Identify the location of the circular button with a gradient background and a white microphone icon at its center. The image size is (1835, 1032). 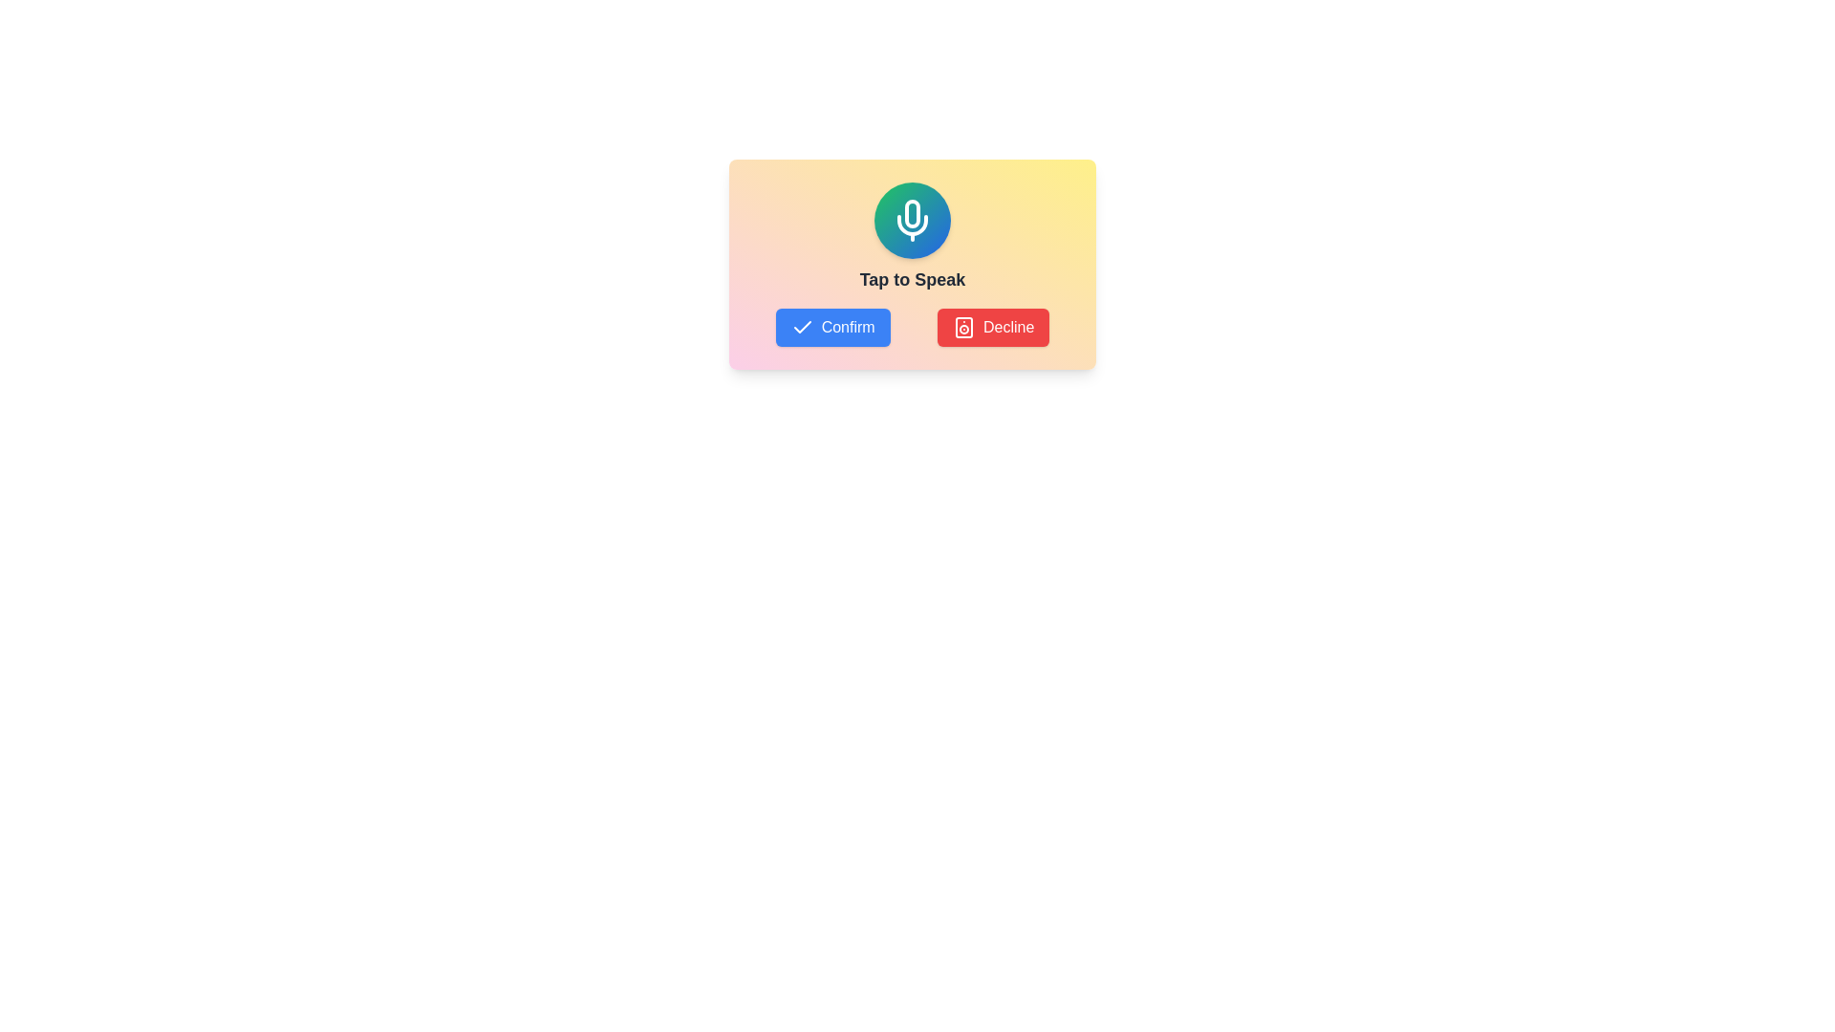
(912, 220).